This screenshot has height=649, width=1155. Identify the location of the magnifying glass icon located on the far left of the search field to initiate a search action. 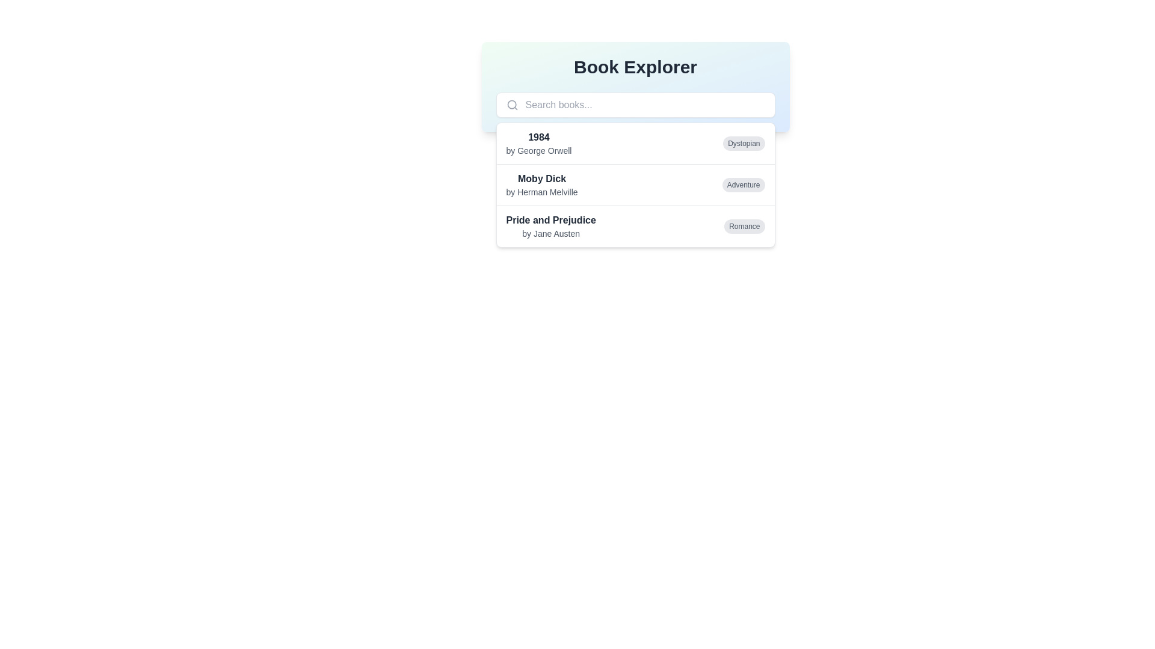
(512, 104).